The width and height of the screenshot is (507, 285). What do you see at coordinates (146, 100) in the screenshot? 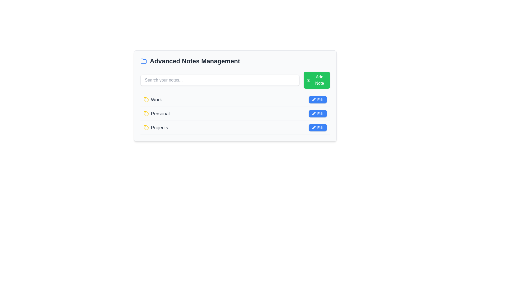
I see `the visual tag icon representing the 'Work' entry, which is located in the first row of the list aligned with 'Personal' and 'Projects' in the 'Advanced Notes Management' interface` at bounding box center [146, 100].